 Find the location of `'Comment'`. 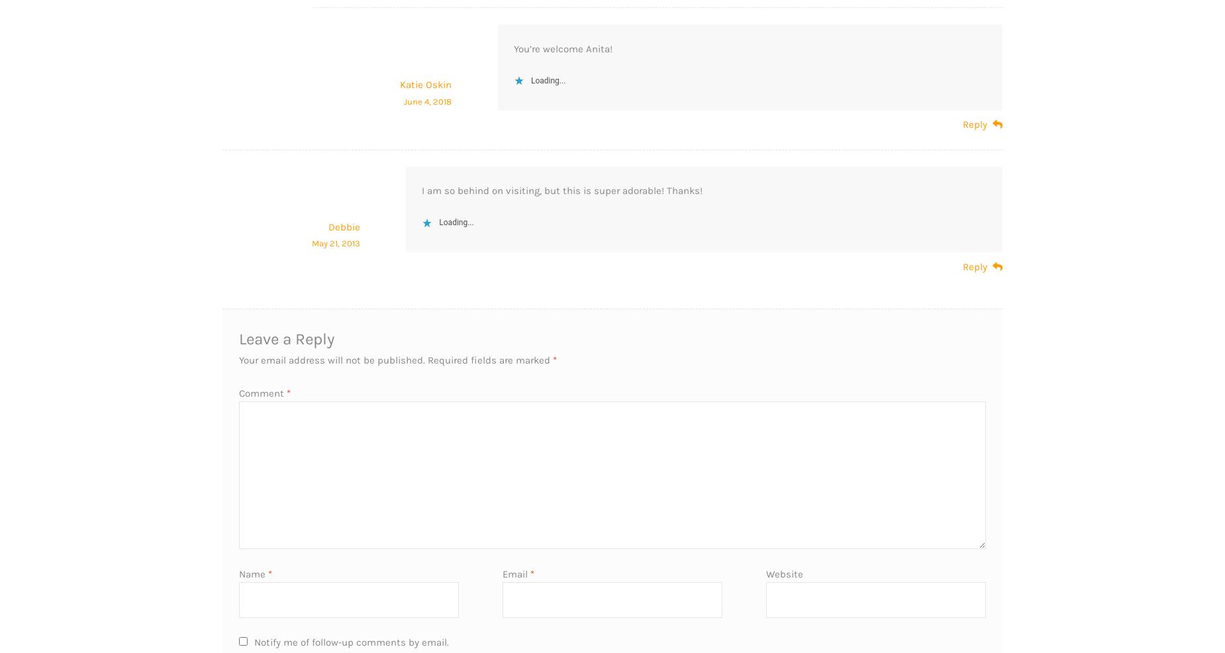

'Comment' is located at coordinates (262, 392).